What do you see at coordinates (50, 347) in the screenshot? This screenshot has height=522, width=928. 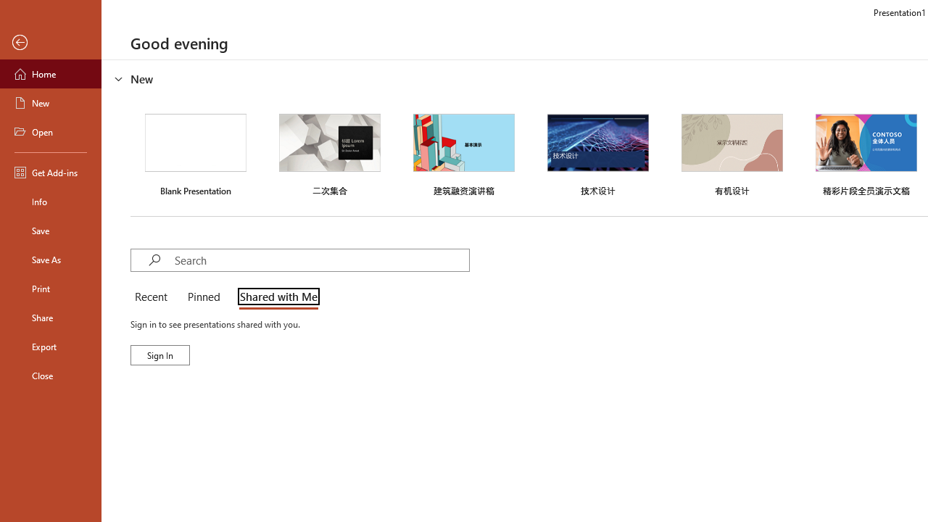 I see `'Export'` at bounding box center [50, 347].